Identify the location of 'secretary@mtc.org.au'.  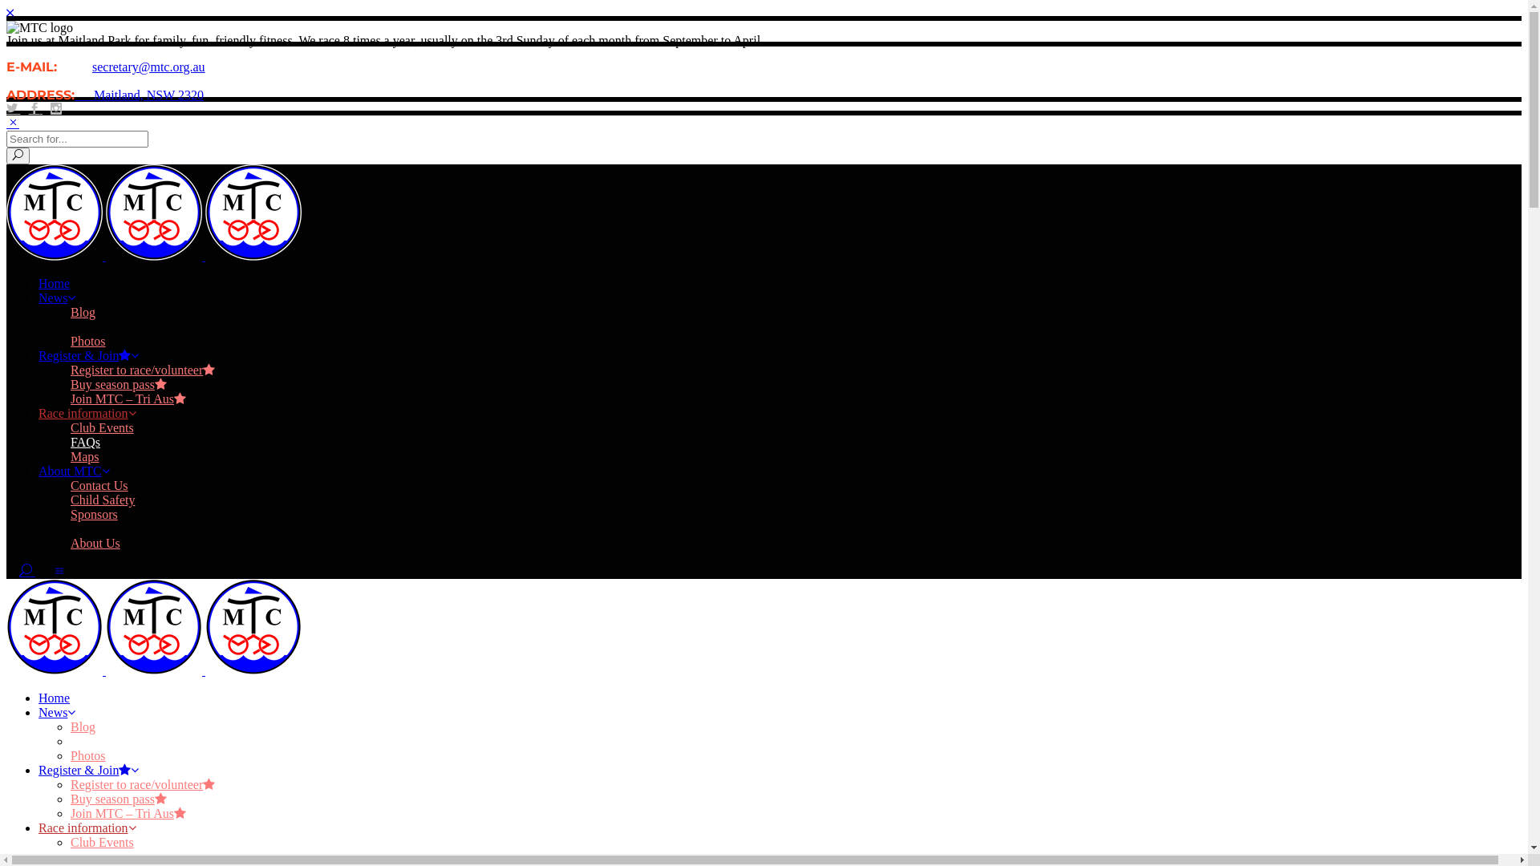
(148, 66).